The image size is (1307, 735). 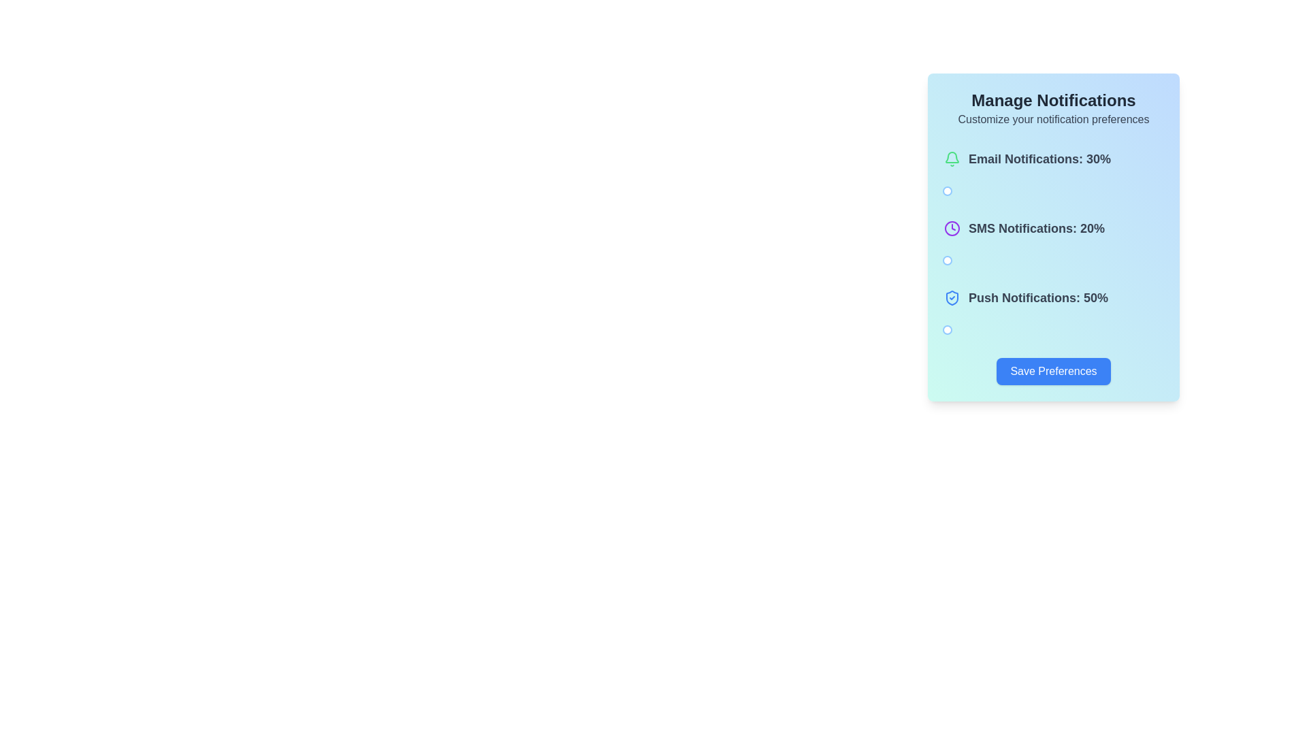 I want to click on the 'Email Notifications' label with icon that indicates a current setting of 30%, located below the 'Manage Notifications' heading, so click(x=1027, y=159).